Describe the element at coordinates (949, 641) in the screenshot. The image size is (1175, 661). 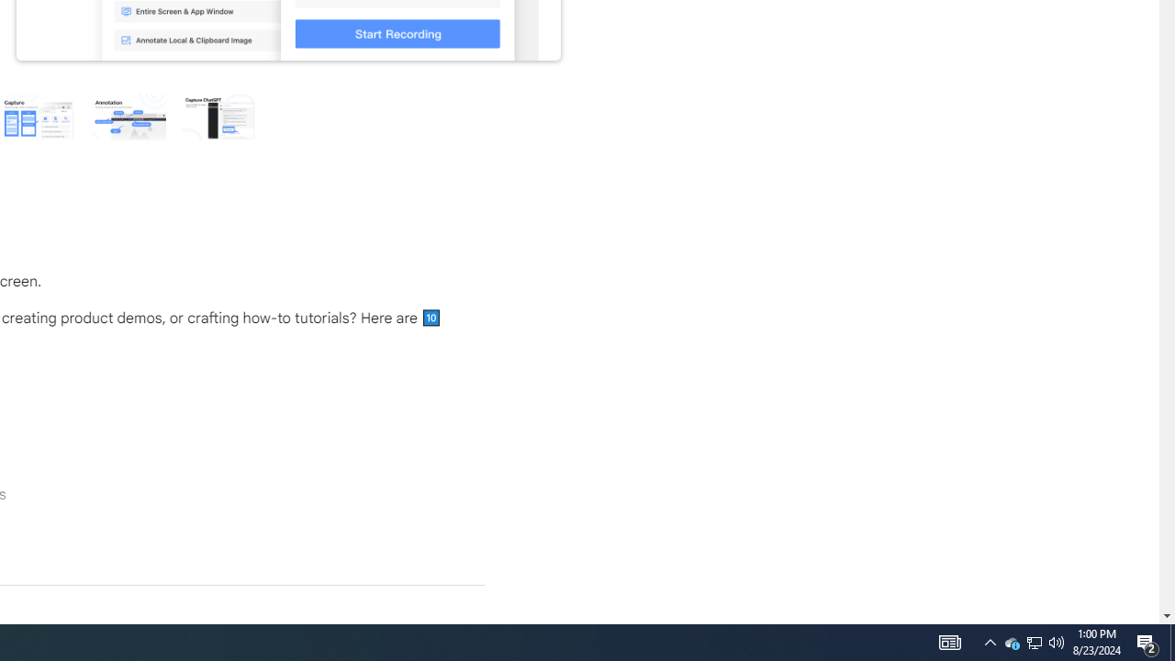
I see `'AutomationID: 4105'` at that location.